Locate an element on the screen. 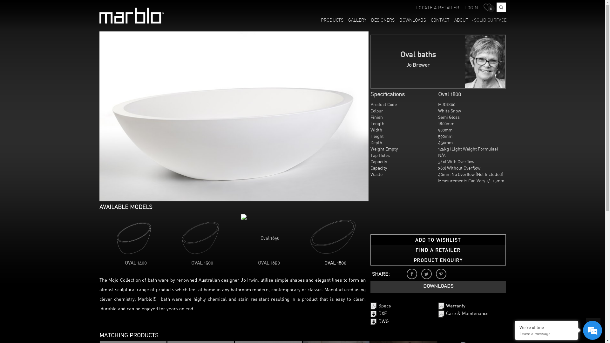 The image size is (610, 343). 'Oval 1650' is located at coordinates (265, 235).